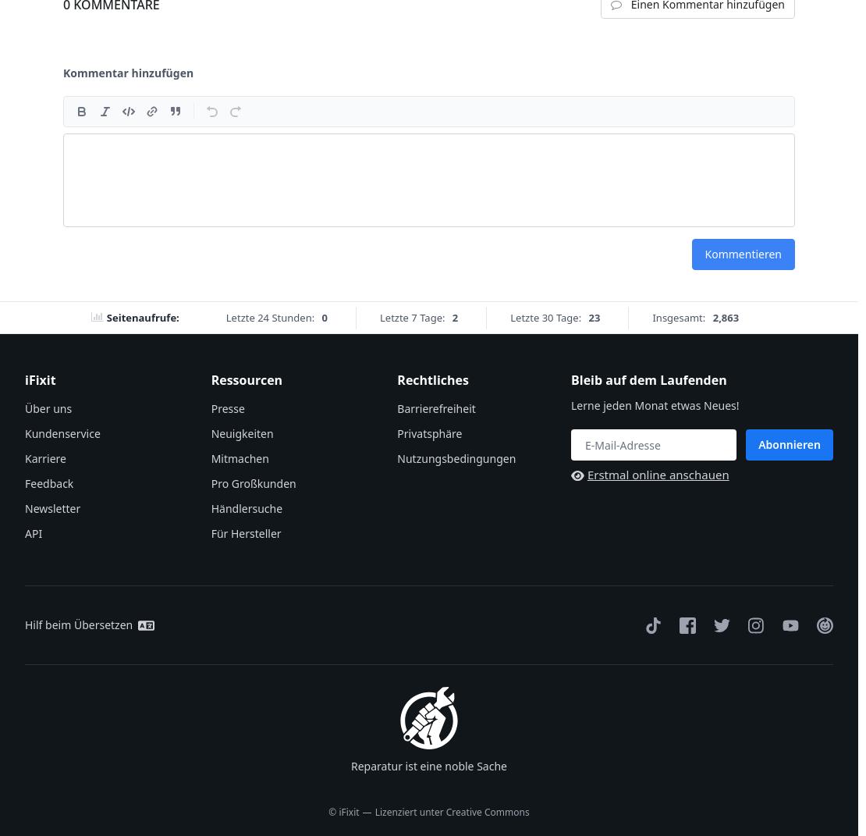 Image resolution: width=866 pixels, height=836 pixels. I want to click on 'Lizenziert unter Creative Commons', so click(451, 812).